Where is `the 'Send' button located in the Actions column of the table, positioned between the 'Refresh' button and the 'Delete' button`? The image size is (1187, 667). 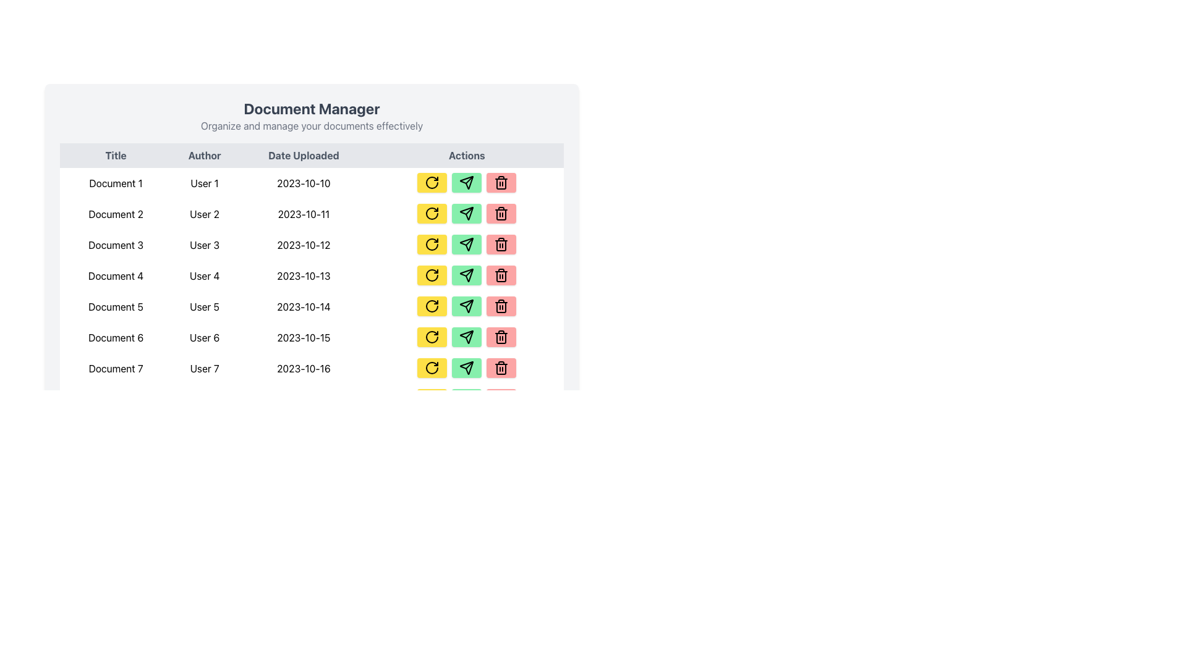 the 'Send' button located in the Actions column of the table, positioned between the 'Refresh' button and the 'Delete' button is located at coordinates (466, 490).